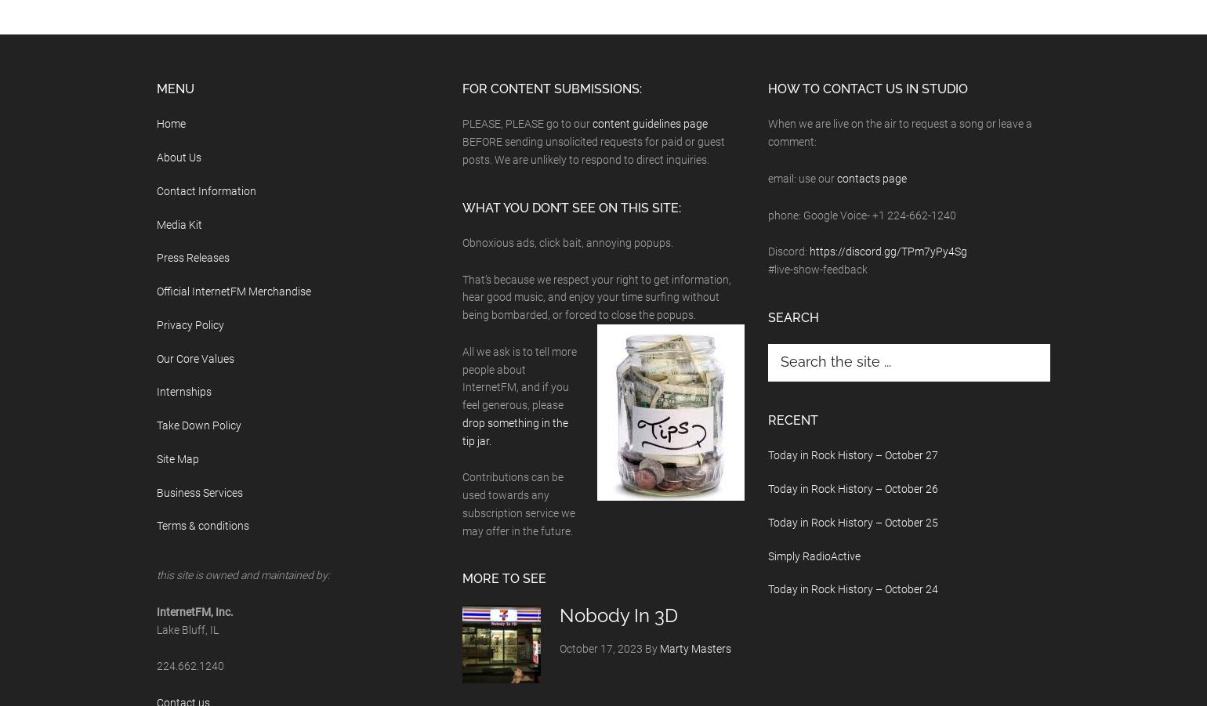 Image resolution: width=1207 pixels, height=706 pixels. I want to click on 'All we ask is to tell more people about InternetFM, and if you feel generous, please', so click(519, 378).